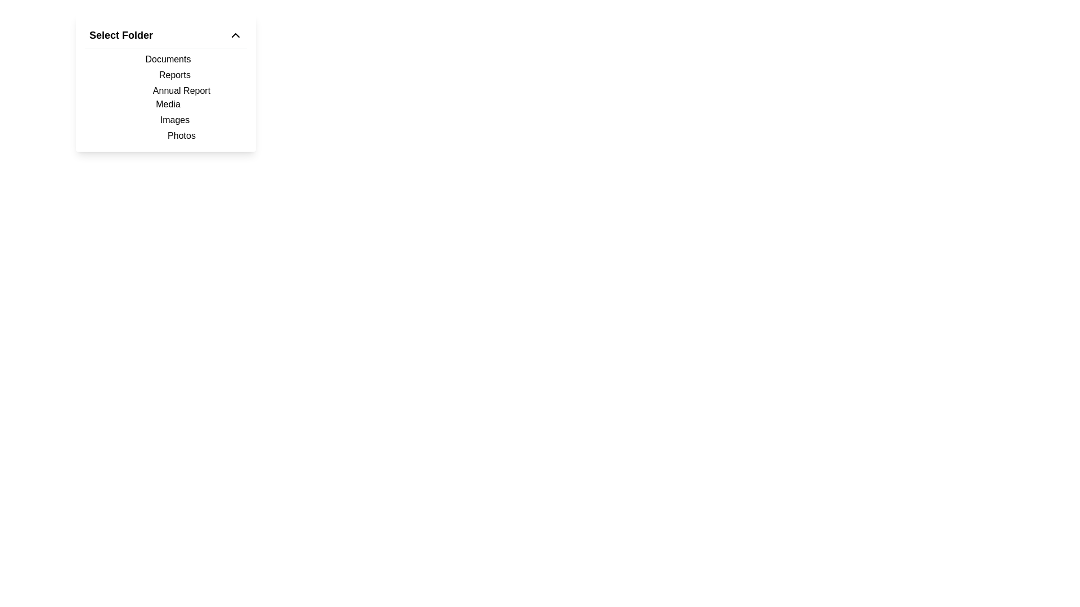 Image resolution: width=1080 pixels, height=607 pixels. I want to click on the text label displaying 'Documents', so click(167, 59).